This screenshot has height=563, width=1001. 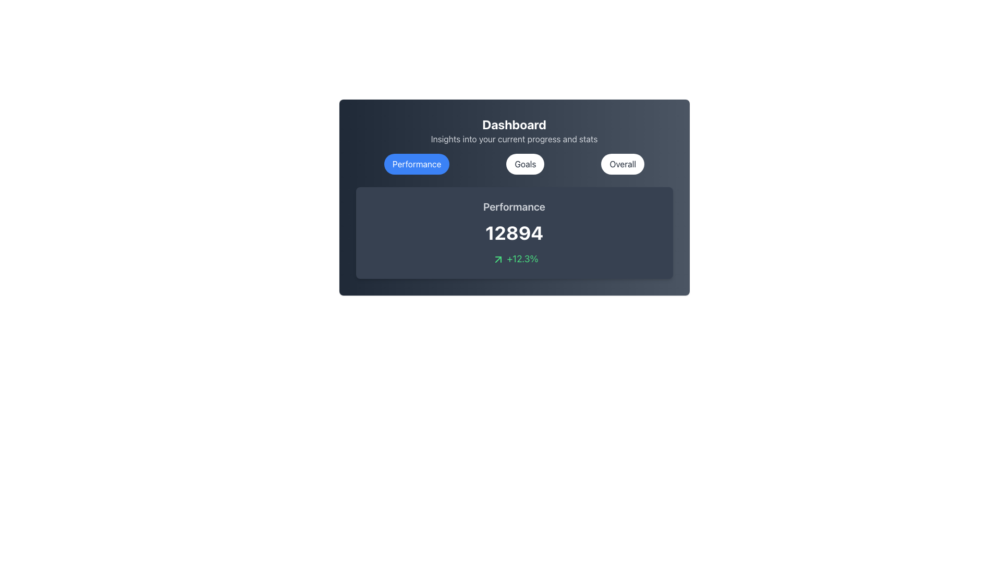 What do you see at coordinates (416, 164) in the screenshot?
I see `the rounded blue button labeled 'Performance'` at bounding box center [416, 164].